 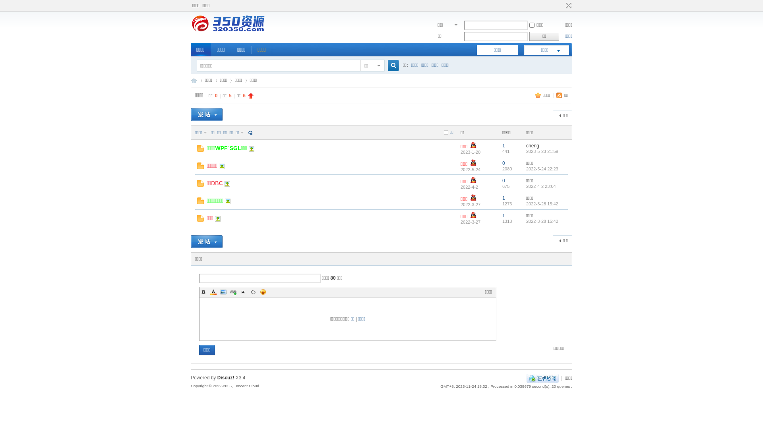 I want to click on 'Image', so click(x=223, y=292).